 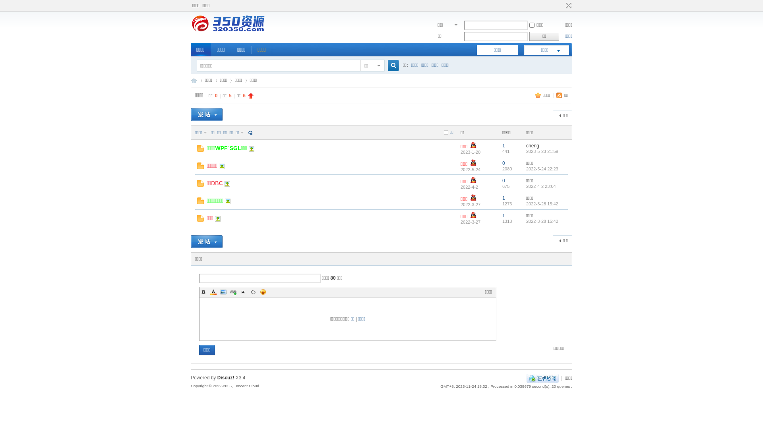 I want to click on 'Image', so click(x=223, y=292).